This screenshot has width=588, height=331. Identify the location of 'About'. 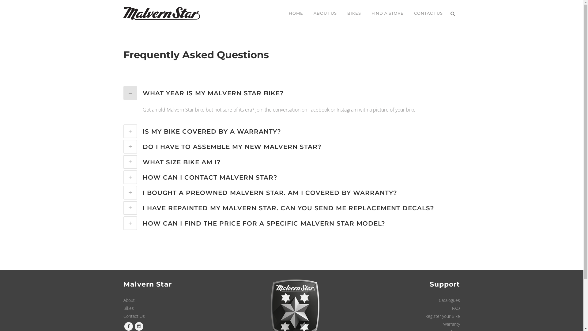
(128, 300).